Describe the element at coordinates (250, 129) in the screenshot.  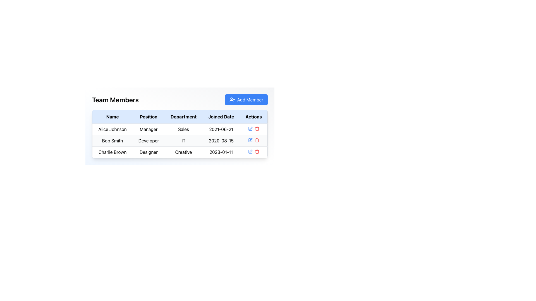
I see `the square pen tool icon located in the 'Actions' column of the table aligned with the row for 'Bob Smith.'` at that location.